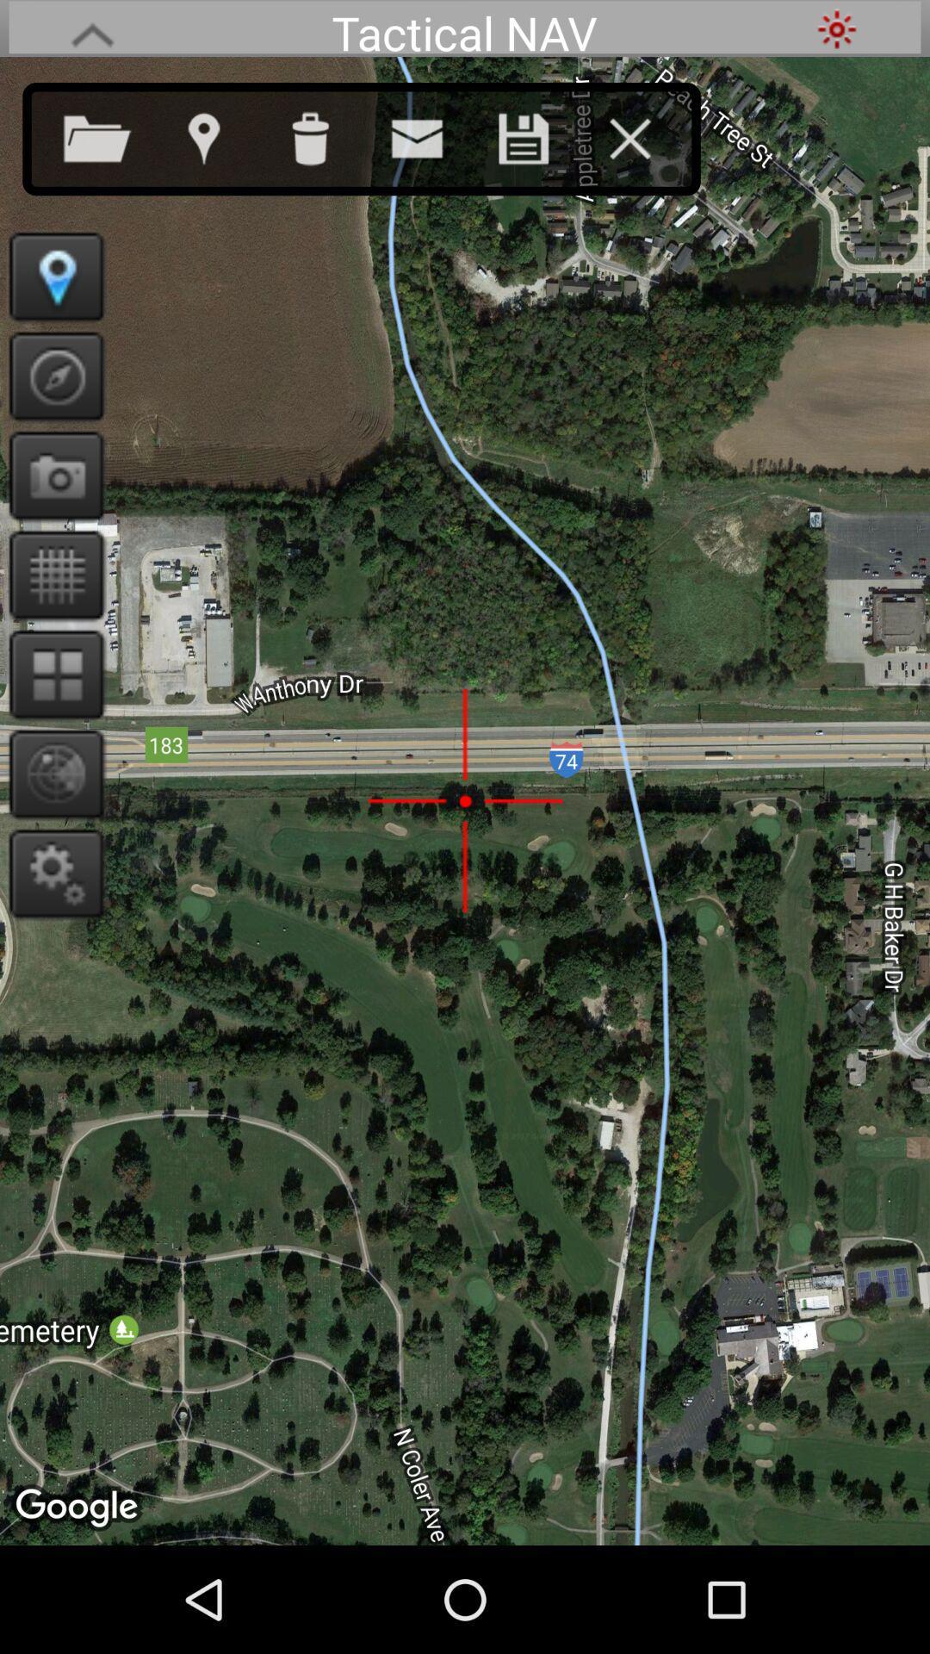  What do you see at coordinates (115, 134) in the screenshot?
I see `open file` at bounding box center [115, 134].